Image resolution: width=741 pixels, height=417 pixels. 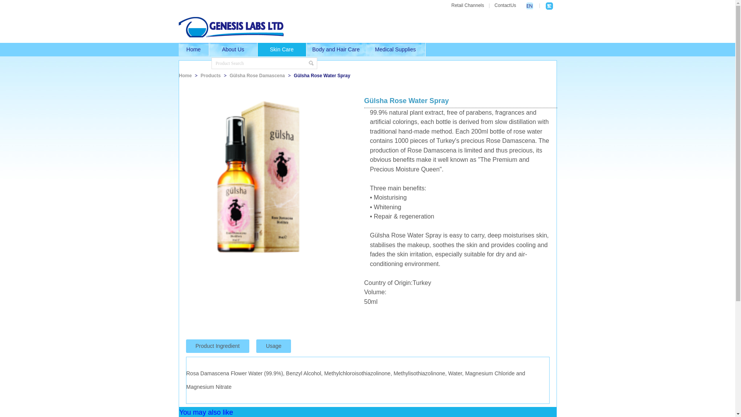 What do you see at coordinates (311, 63) in the screenshot?
I see `'Submit'` at bounding box center [311, 63].